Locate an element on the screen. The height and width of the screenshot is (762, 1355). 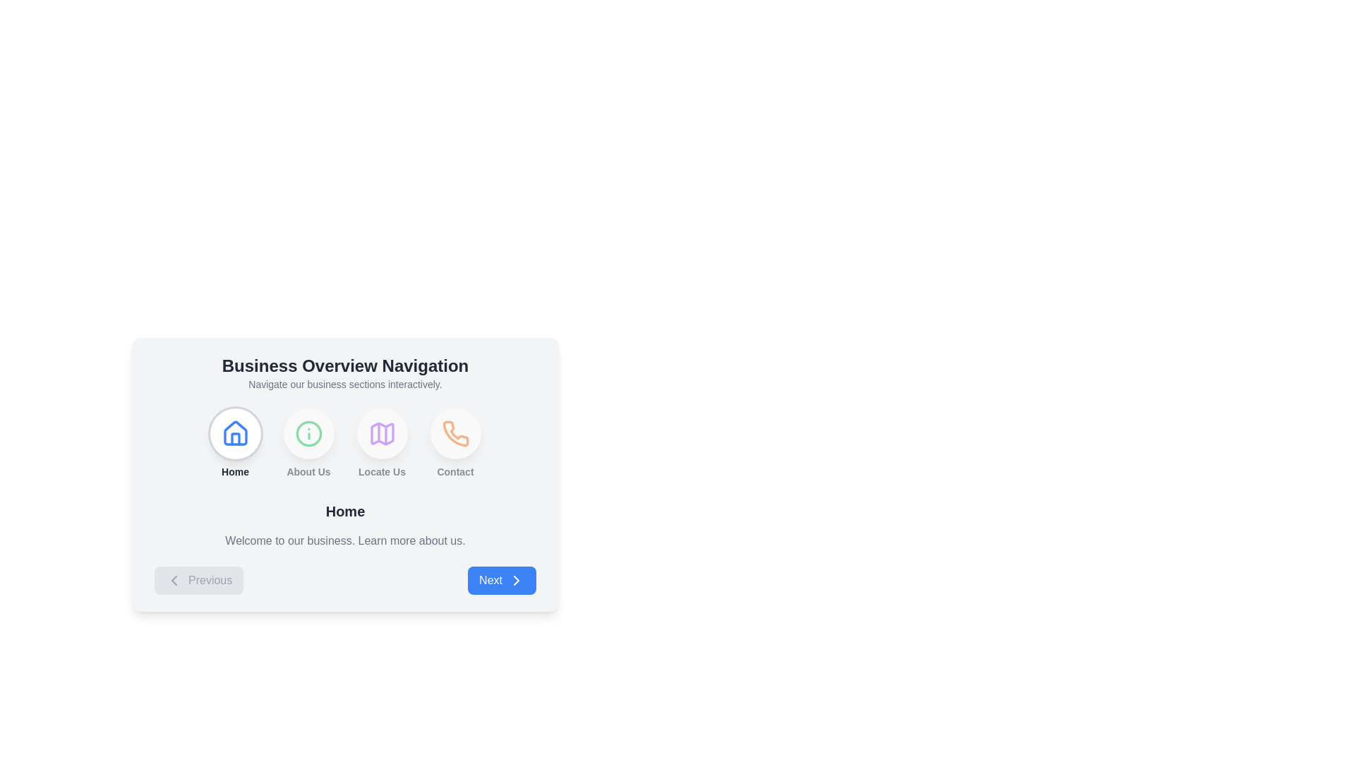
the Icon located at the right end of the 'Next' button in the bottom-right corner of the card layout is located at coordinates (515, 580).